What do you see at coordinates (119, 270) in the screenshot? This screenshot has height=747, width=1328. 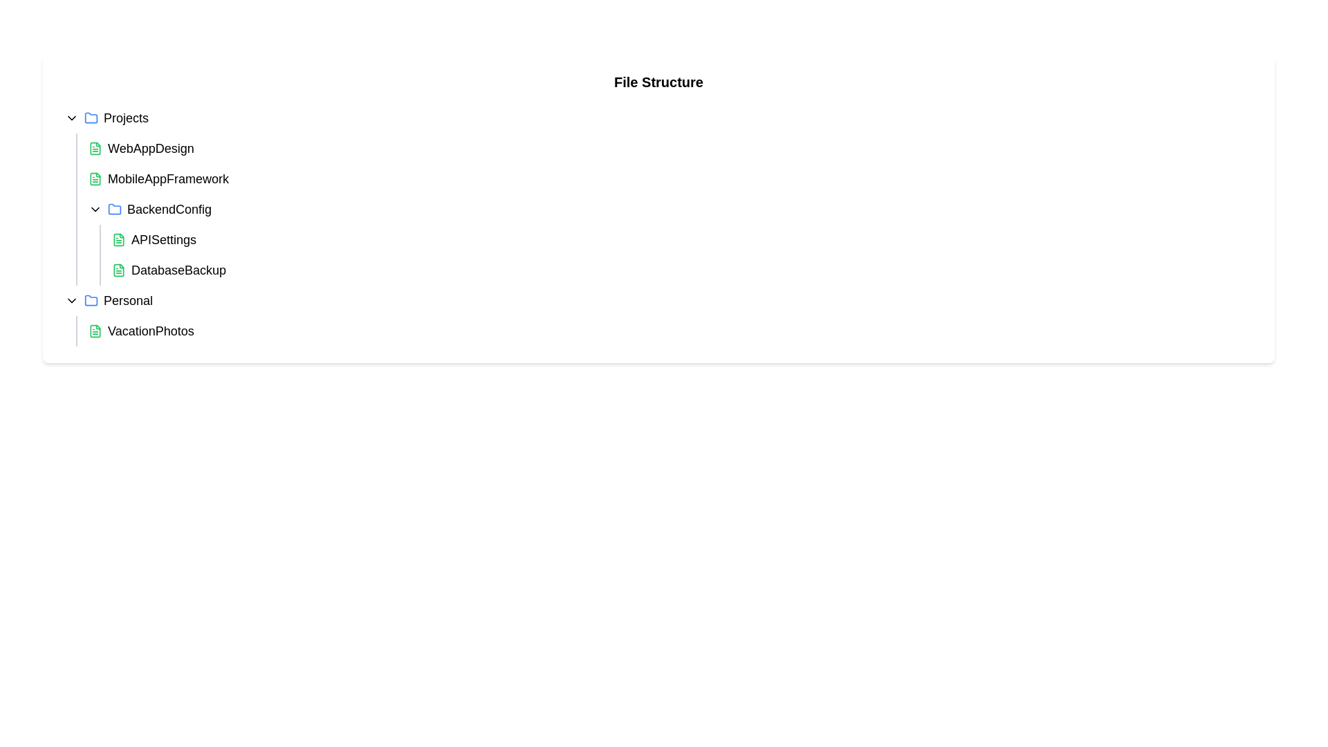 I see `the document icon representing 'DatabaseBackup'` at bounding box center [119, 270].